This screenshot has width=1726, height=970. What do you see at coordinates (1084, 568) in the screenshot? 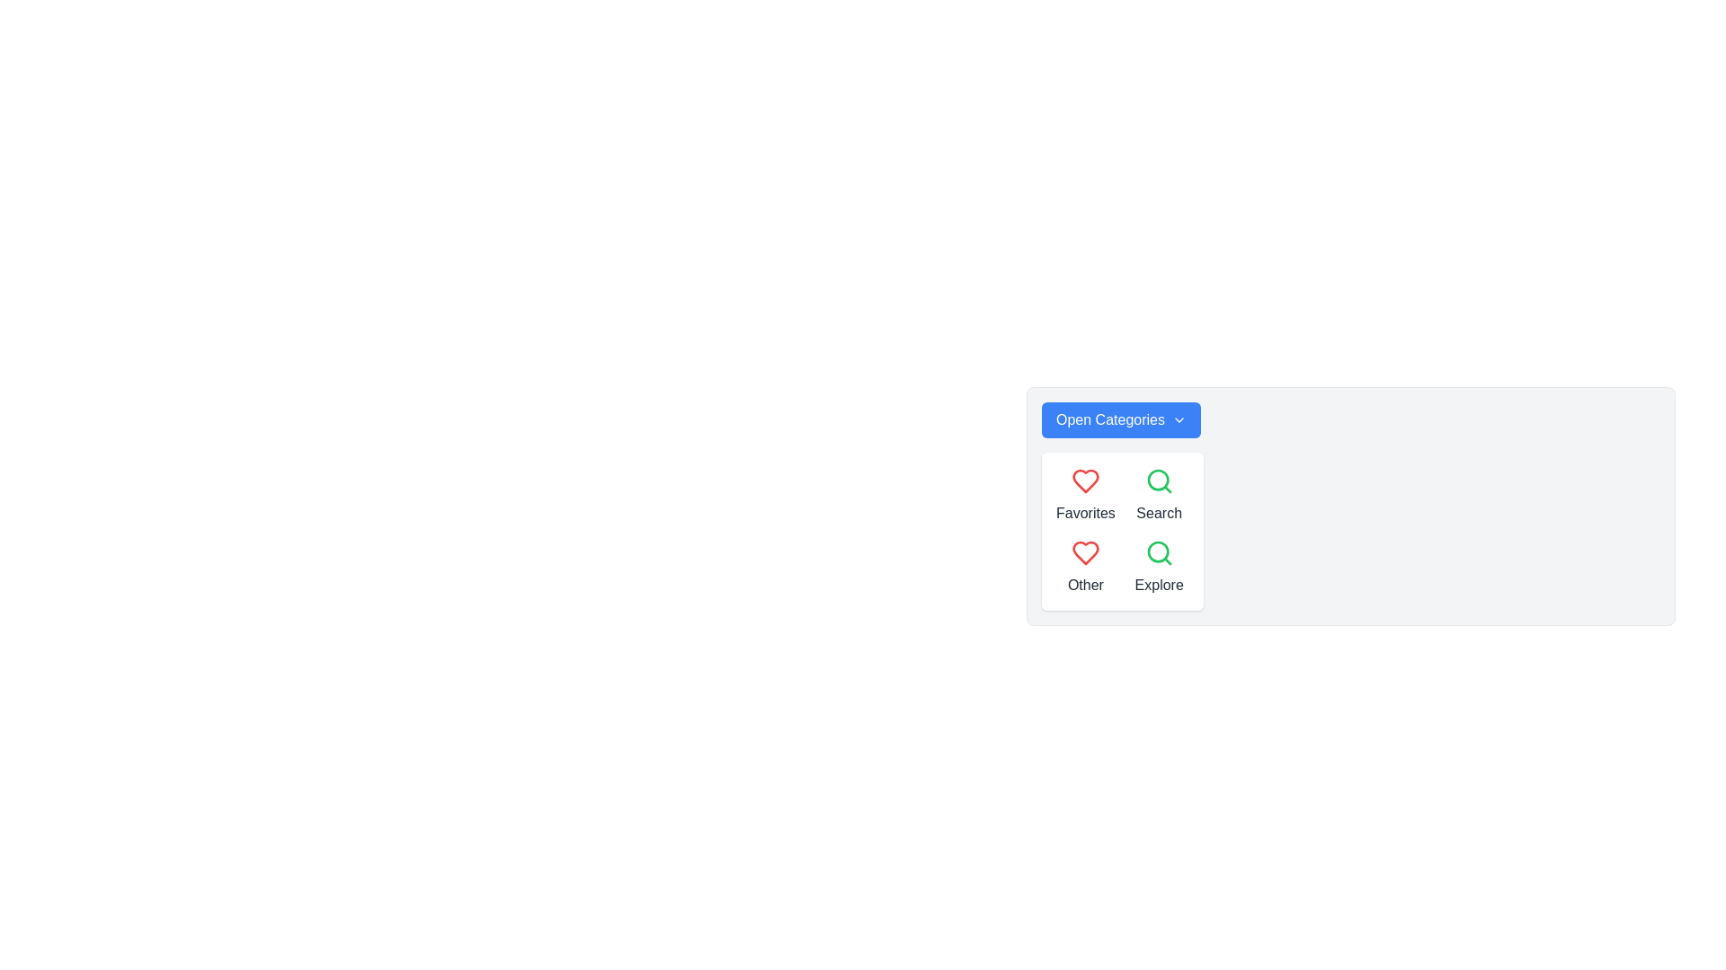
I see `the composite UI element featuring a red heart icon and the text 'Other' below it` at bounding box center [1084, 568].